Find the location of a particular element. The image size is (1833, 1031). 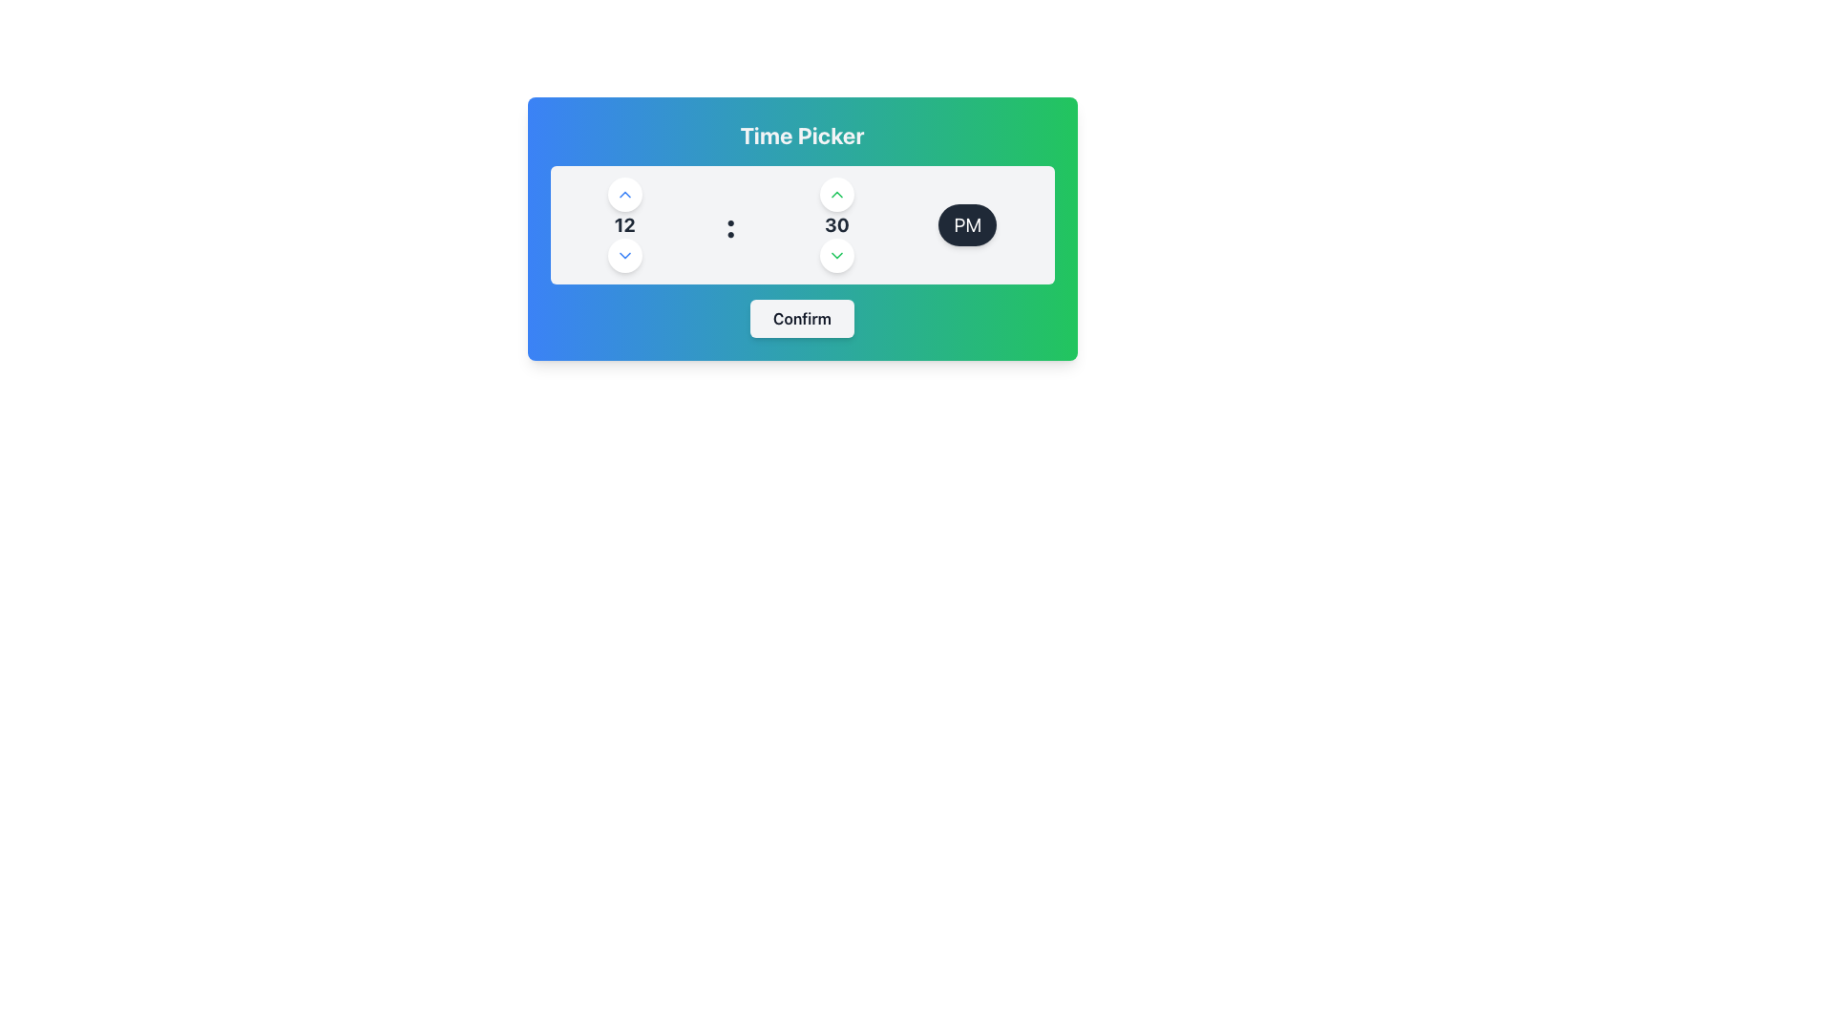

the increment button located above the number '30' in the time picker interface to observe potential visual feedback is located at coordinates (837, 195).